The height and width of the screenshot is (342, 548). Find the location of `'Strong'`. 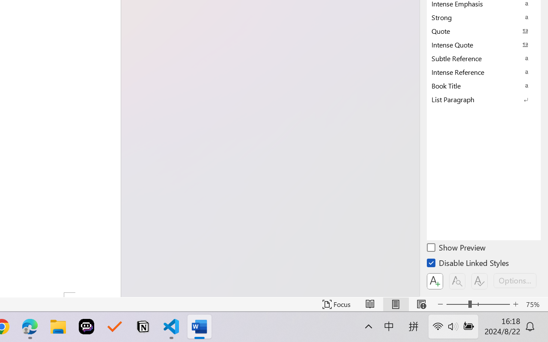

'Strong' is located at coordinates (484, 17).